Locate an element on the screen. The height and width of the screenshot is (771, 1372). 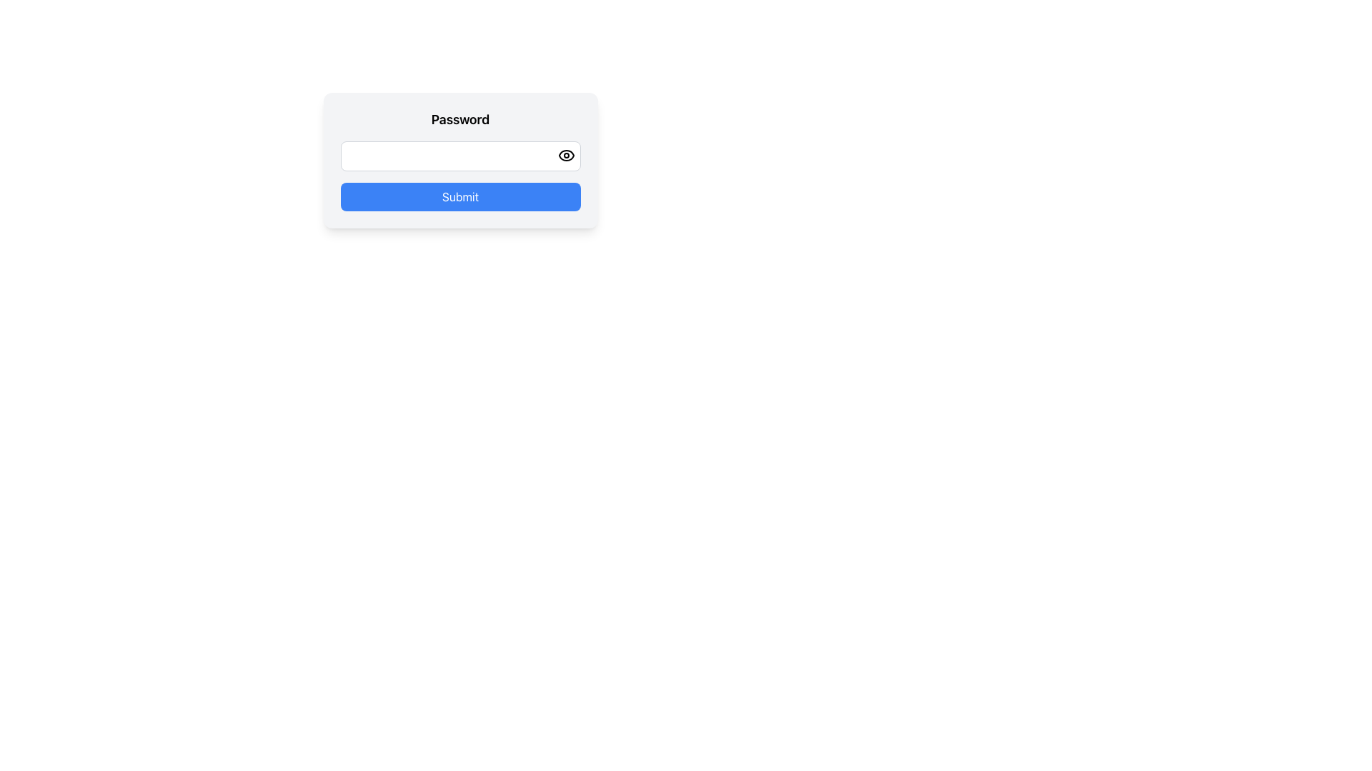
text from the 'Password' label, which is styled bold and positioned above the password input field is located at coordinates (460, 119).